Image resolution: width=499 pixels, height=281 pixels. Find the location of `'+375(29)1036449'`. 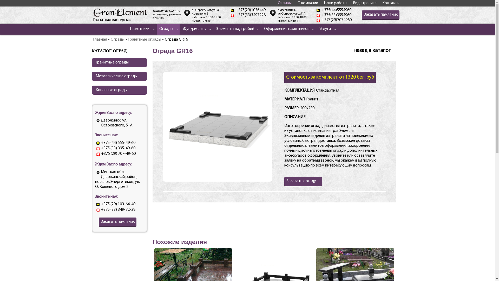

'+375(29)1036449' is located at coordinates (250, 10).